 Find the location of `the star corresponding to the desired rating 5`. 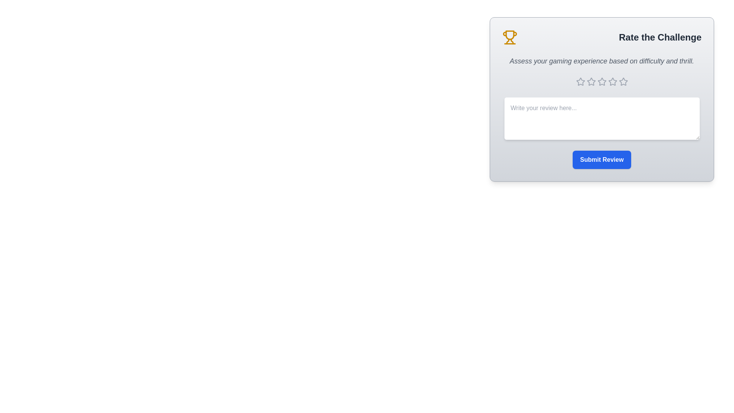

the star corresponding to the desired rating 5 is located at coordinates (623, 81).